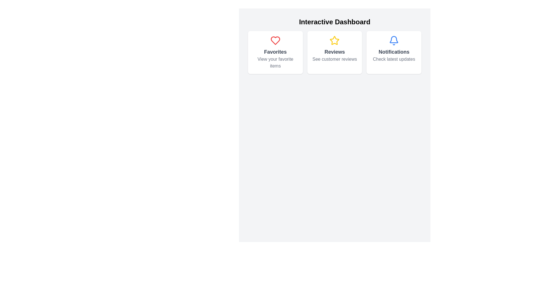  What do you see at coordinates (275, 40) in the screenshot?
I see `the red heart-shaped icon located in the 'Favorites' section of the dashboard, which is centered above the label 'Favorites'` at bounding box center [275, 40].